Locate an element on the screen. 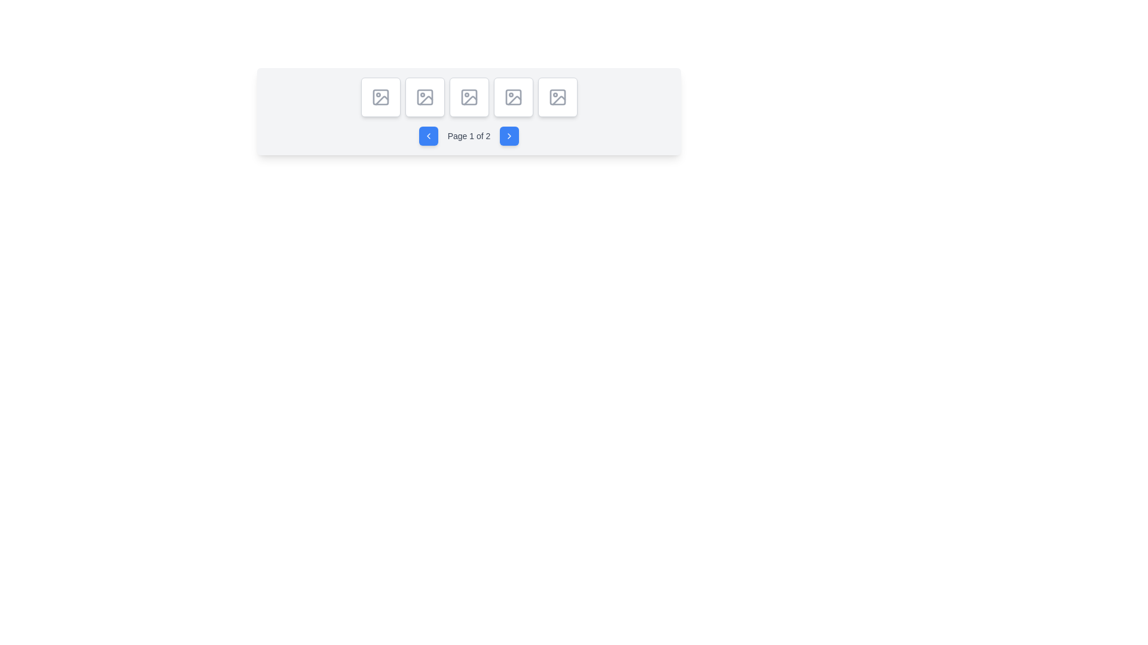  the decorative graphical component within the SVG that represents a part of the graphical icon used to depict an image placeholder, located at the bottom right corner of the placeholder icon is located at coordinates (381, 100).